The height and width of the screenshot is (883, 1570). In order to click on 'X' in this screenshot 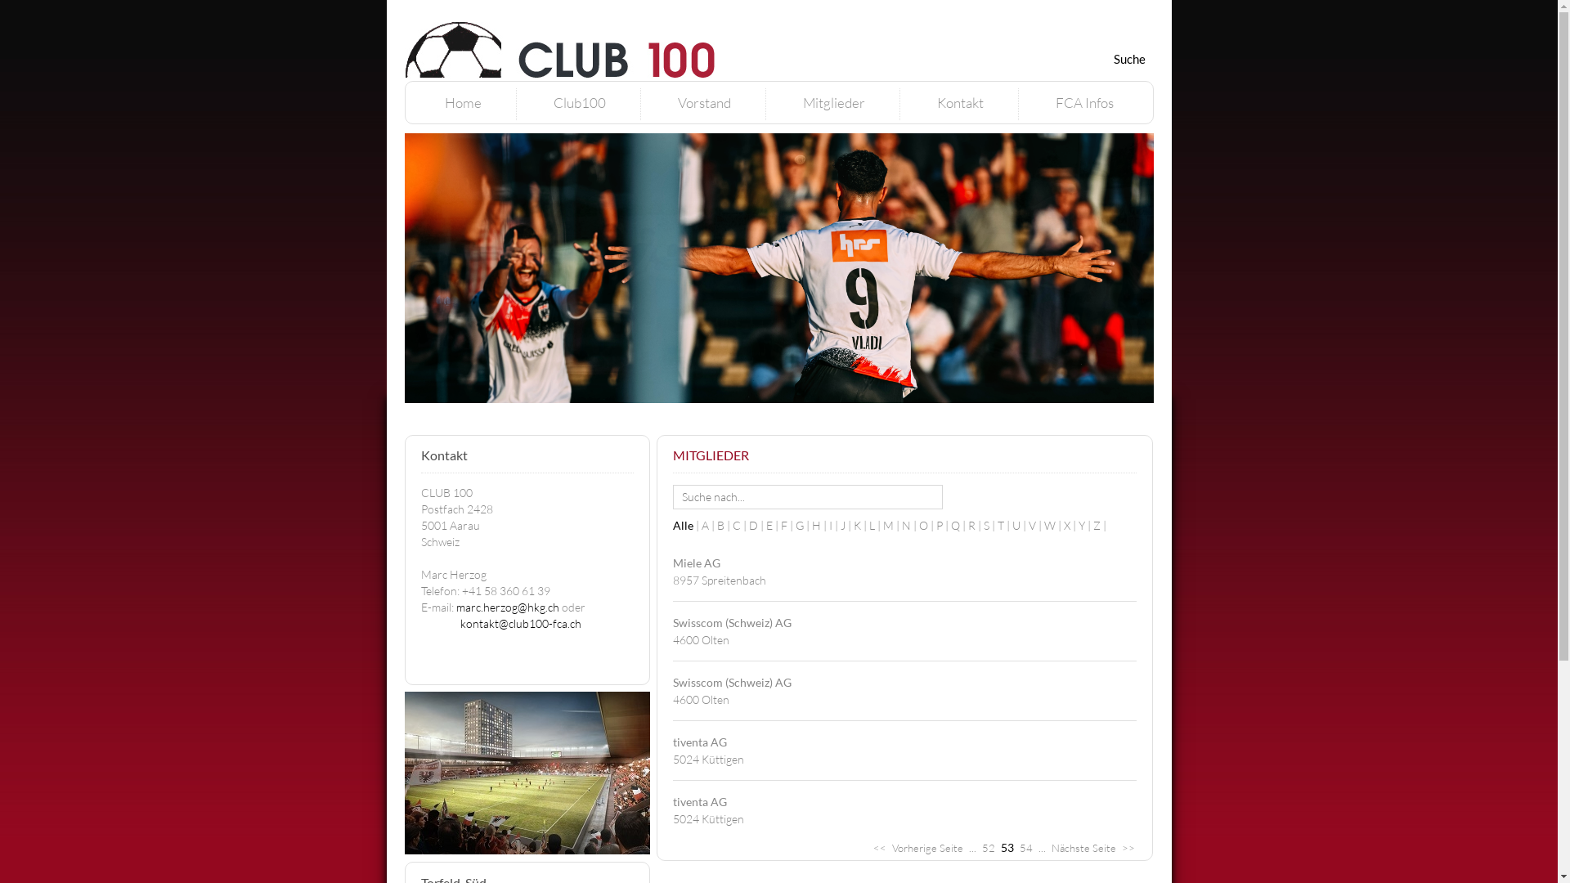, I will do `click(1070, 525)`.